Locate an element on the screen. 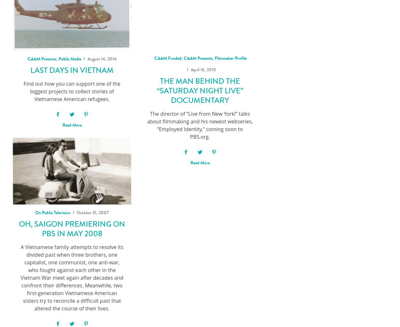 The width and height of the screenshot is (400, 327). 'October 31, 2007' is located at coordinates (76, 212).